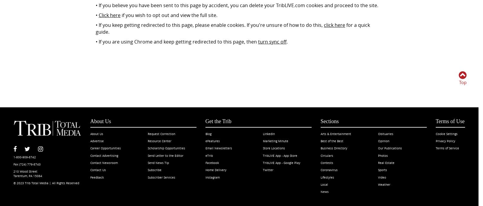  What do you see at coordinates (97, 170) in the screenshot?
I see `'Contact Us'` at bounding box center [97, 170].